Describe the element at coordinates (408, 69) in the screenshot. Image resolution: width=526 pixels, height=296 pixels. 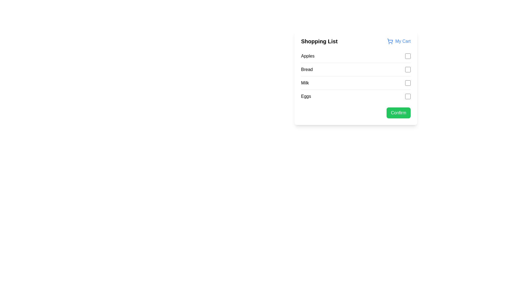
I see `the checkbox for the 'Bread' item in the shopping list` at that location.